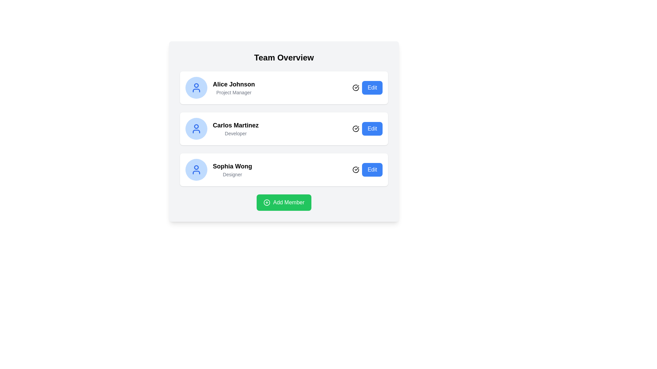 This screenshot has height=369, width=657. What do you see at coordinates (196, 167) in the screenshot?
I see `the small circular element located inside the user profile icon, specifically positioned near the top of the user's head within the third profile section from the top` at bounding box center [196, 167].